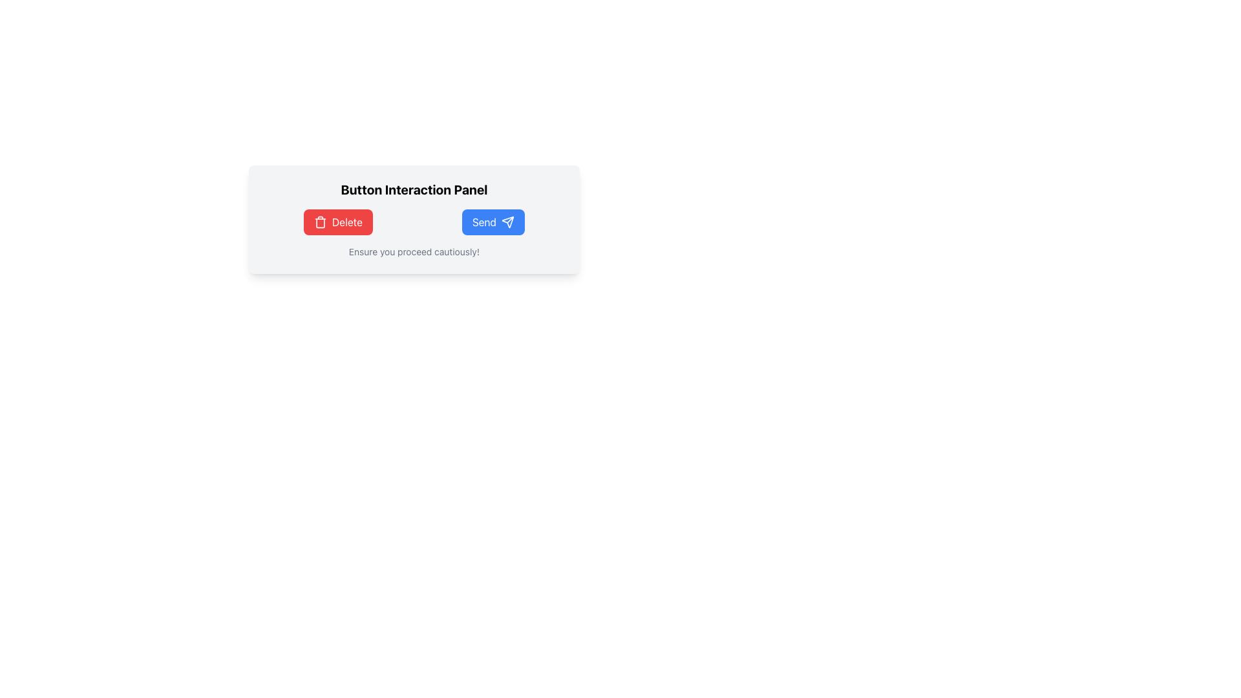 Image resolution: width=1241 pixels, height=698 pixels. What do you see at coordinates (507, 221) in the screenshot?
I see `the paper airplane icon located to the right of the blue 'Send' button, which is styled with a bold outline and aligned centrally within its frame` at bounding box center [507, 221].